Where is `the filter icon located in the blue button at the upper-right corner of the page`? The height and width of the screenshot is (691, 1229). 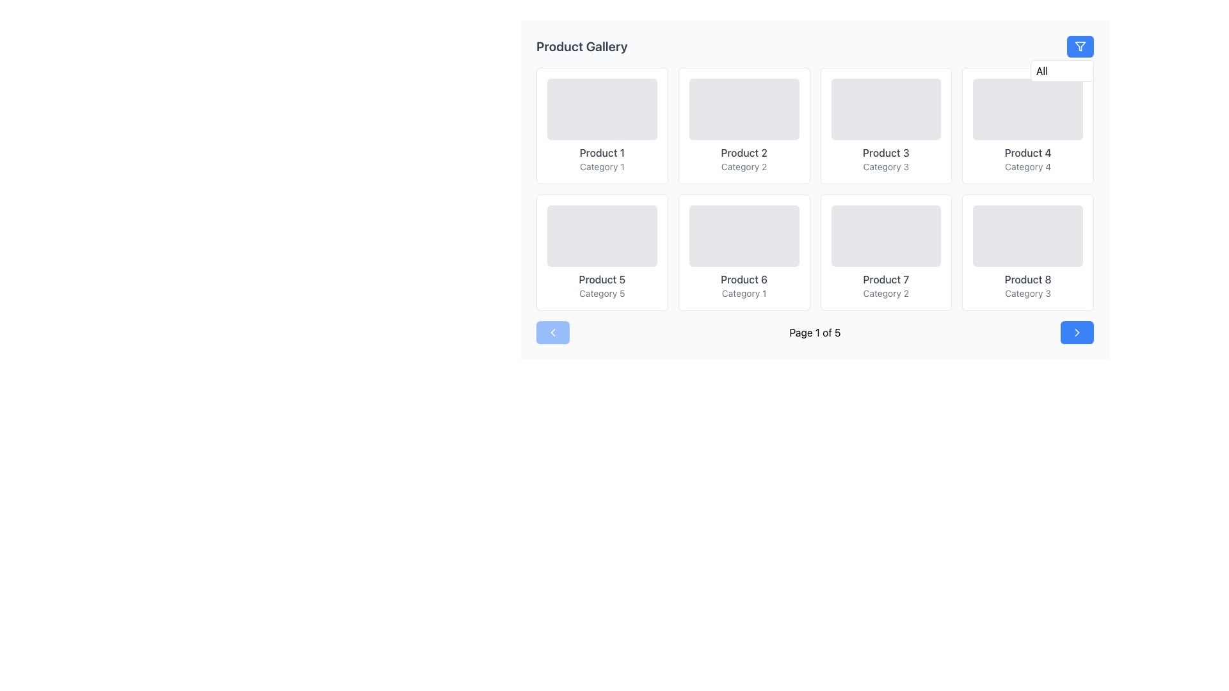
the filter icon located in the blue button at the upper-right corner of the page is located at coordinates (1080, 46).